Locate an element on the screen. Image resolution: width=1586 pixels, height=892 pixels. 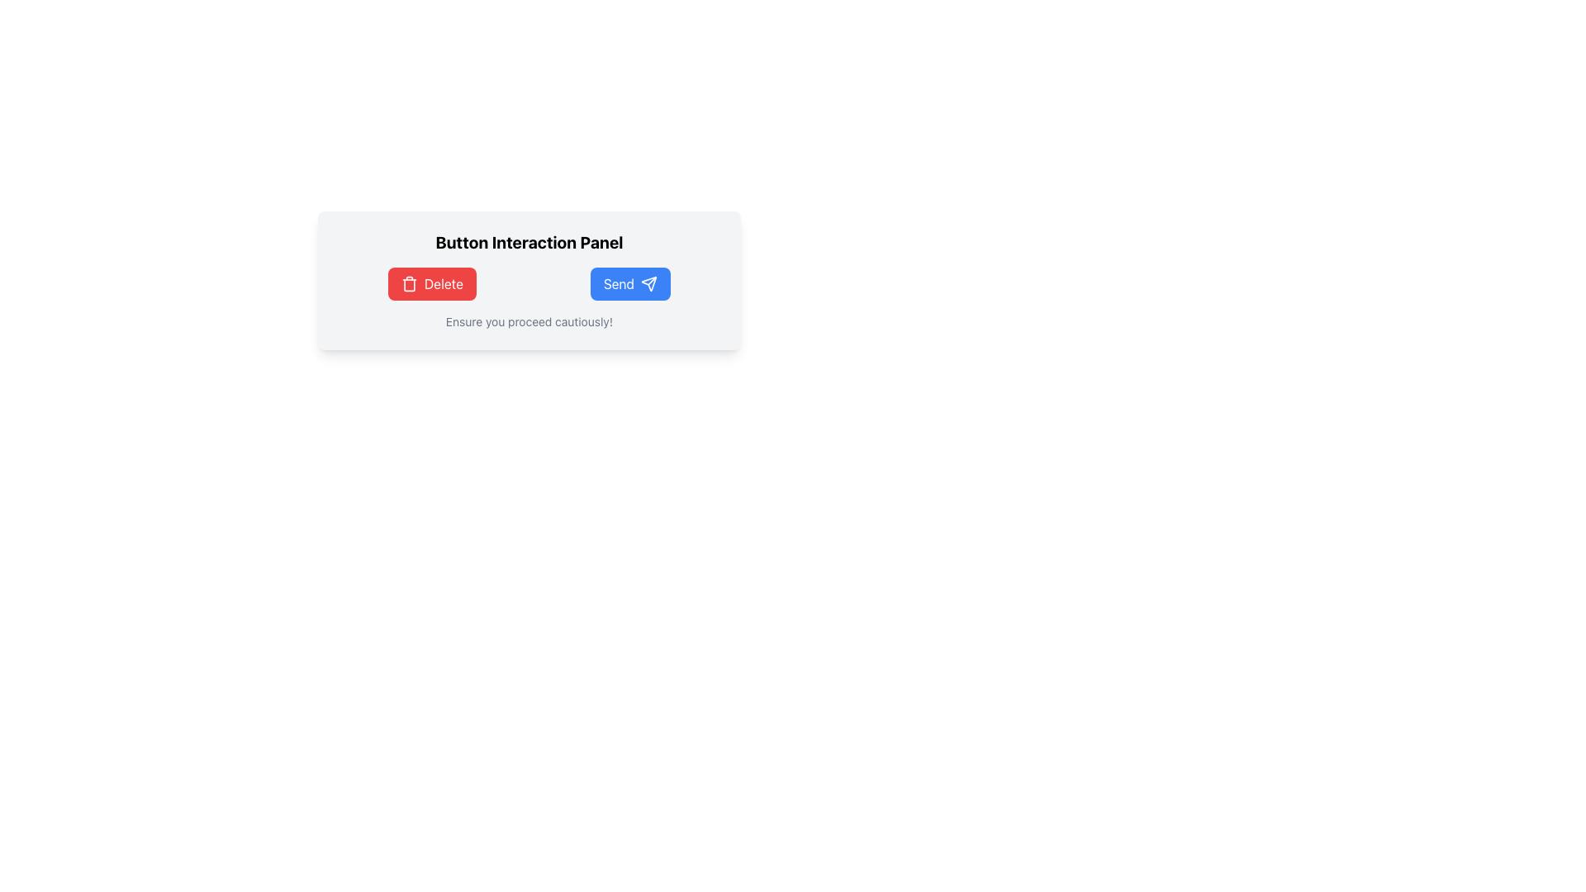
the 'Delete' button, which is a red button with white text is located at coordinates (444, 282).